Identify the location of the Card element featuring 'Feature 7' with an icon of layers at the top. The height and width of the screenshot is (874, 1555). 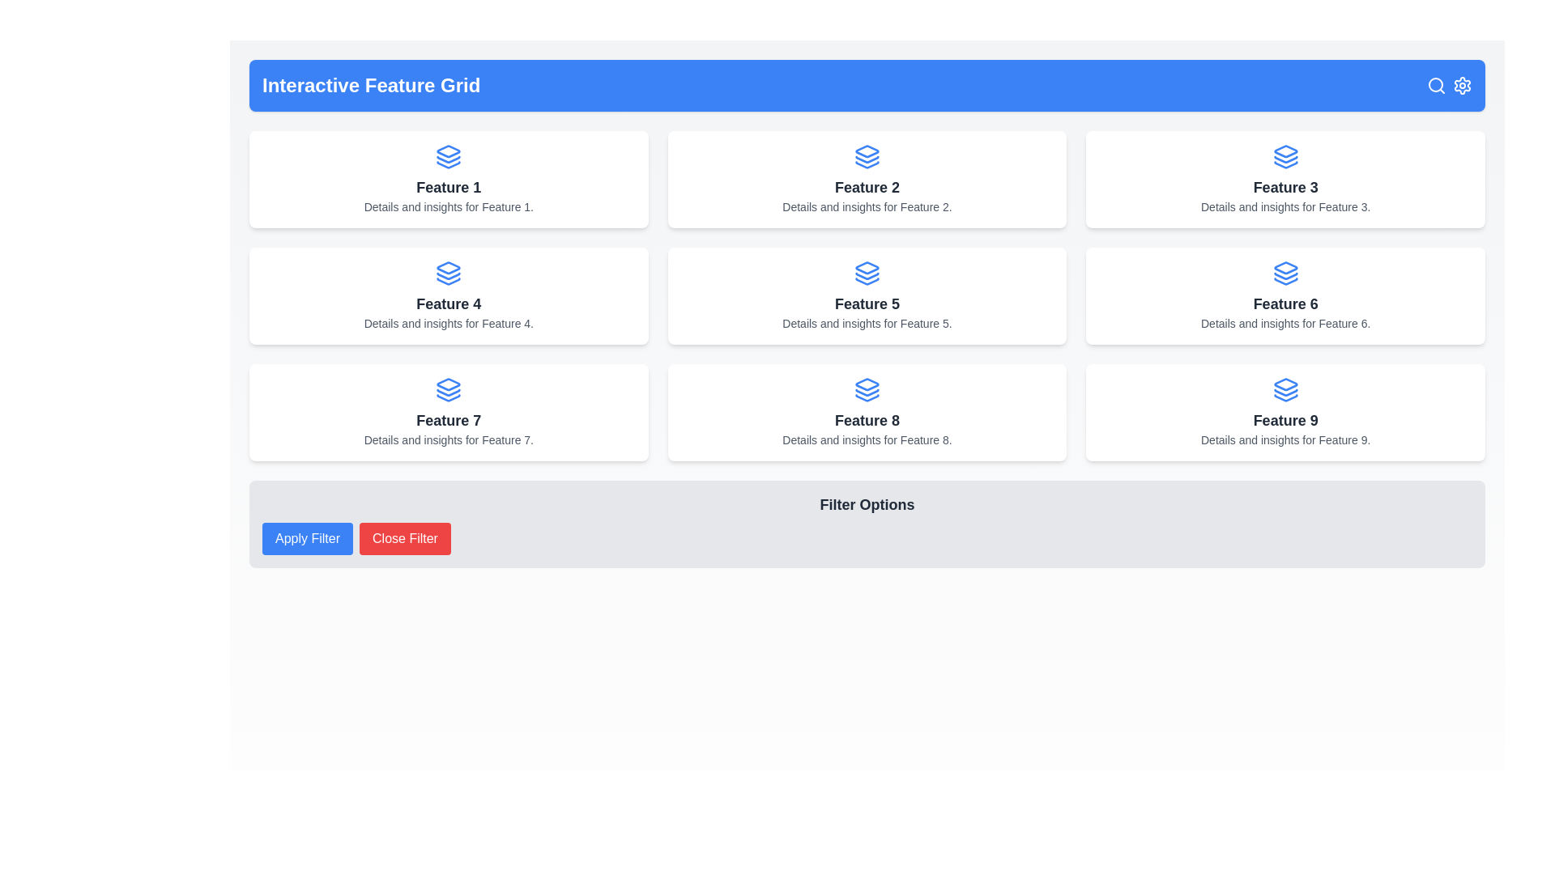
(449, 411).